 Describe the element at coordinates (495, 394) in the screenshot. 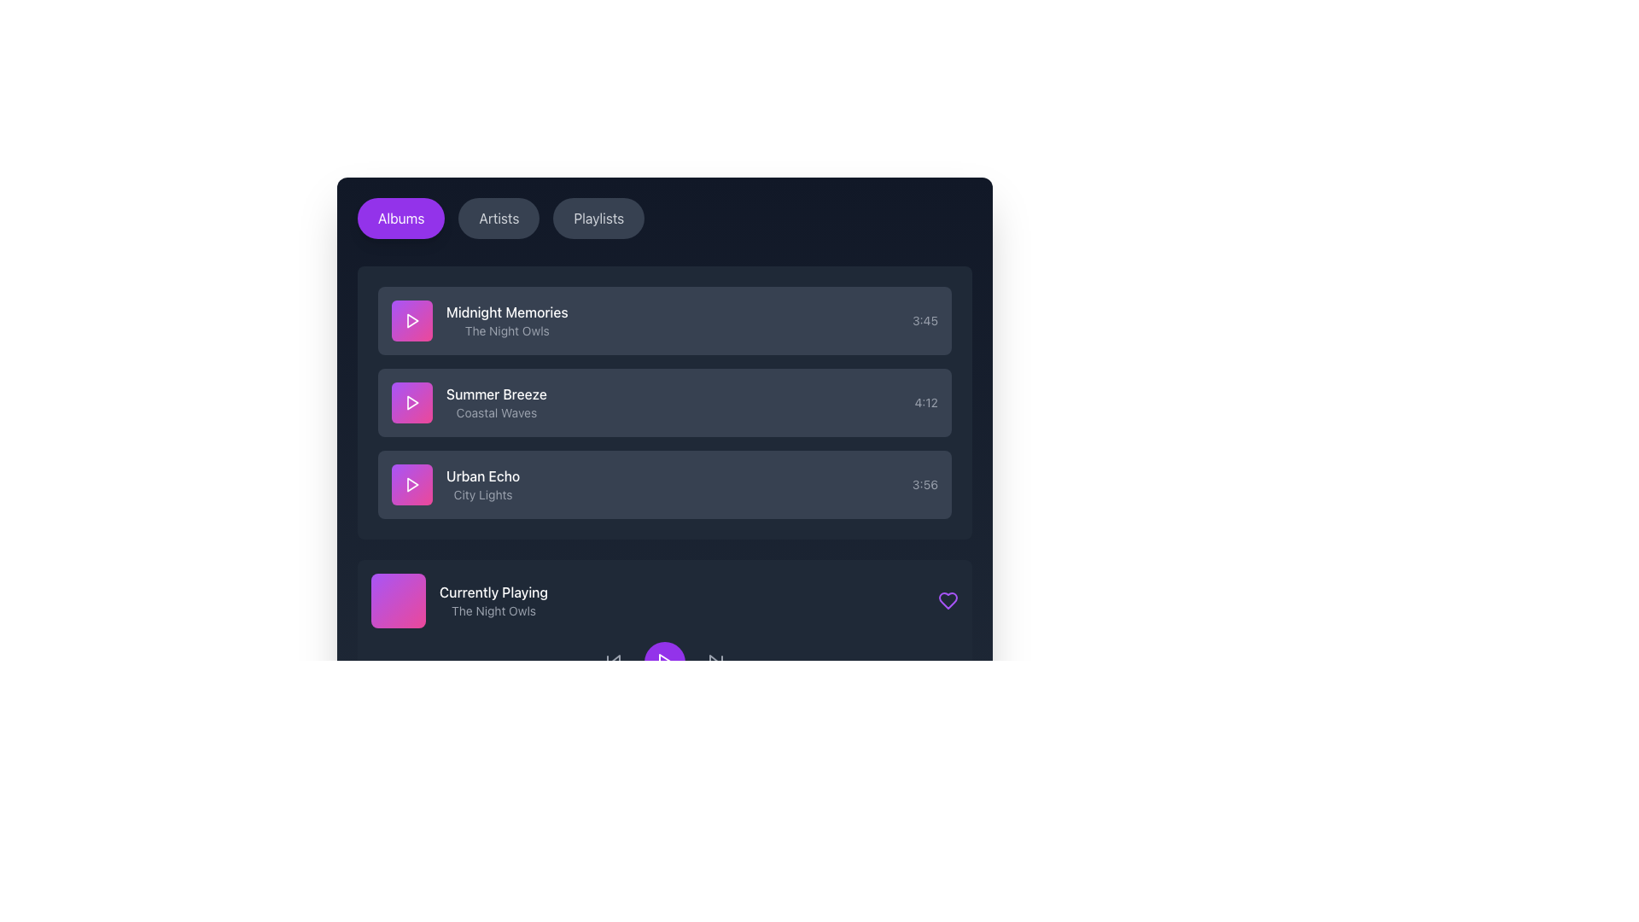

I see `the title text label of the list item representing a music track, located directly above the subtitle 'Coastal Waves'` at that location.